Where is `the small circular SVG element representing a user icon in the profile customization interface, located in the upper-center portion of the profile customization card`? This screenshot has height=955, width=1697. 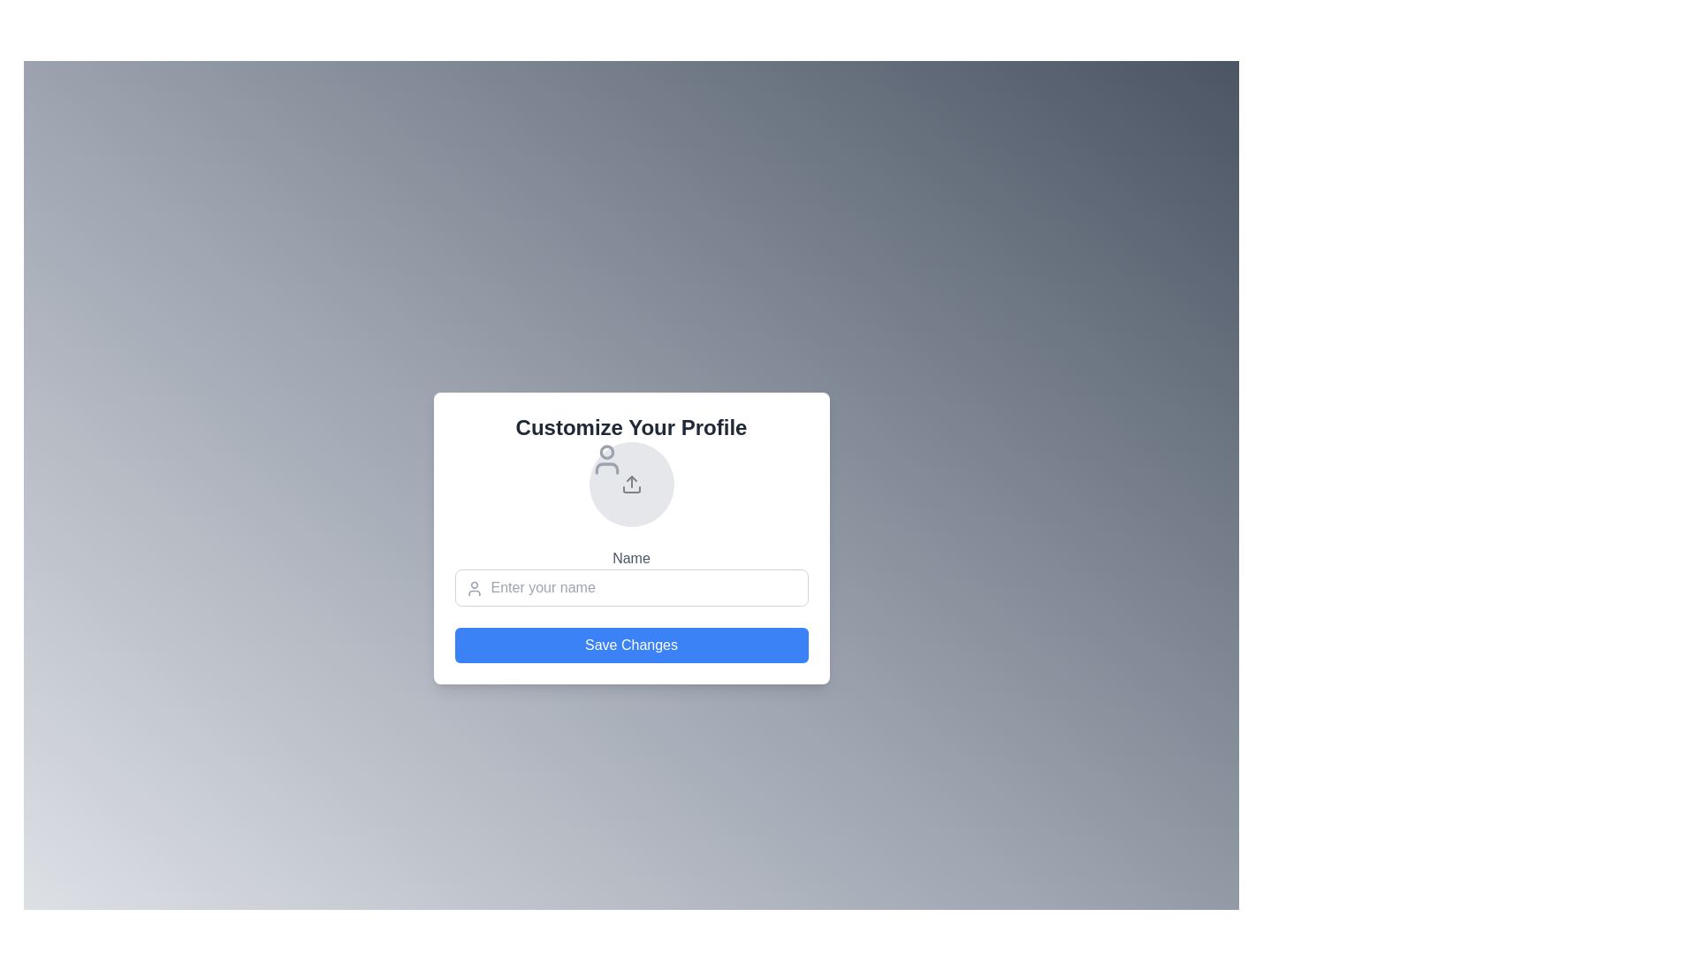
the small circular SVG element representing a user icon in the profile customization interface, located in the upper-center portion of the profile customization card is located at coordinates (606, 451).